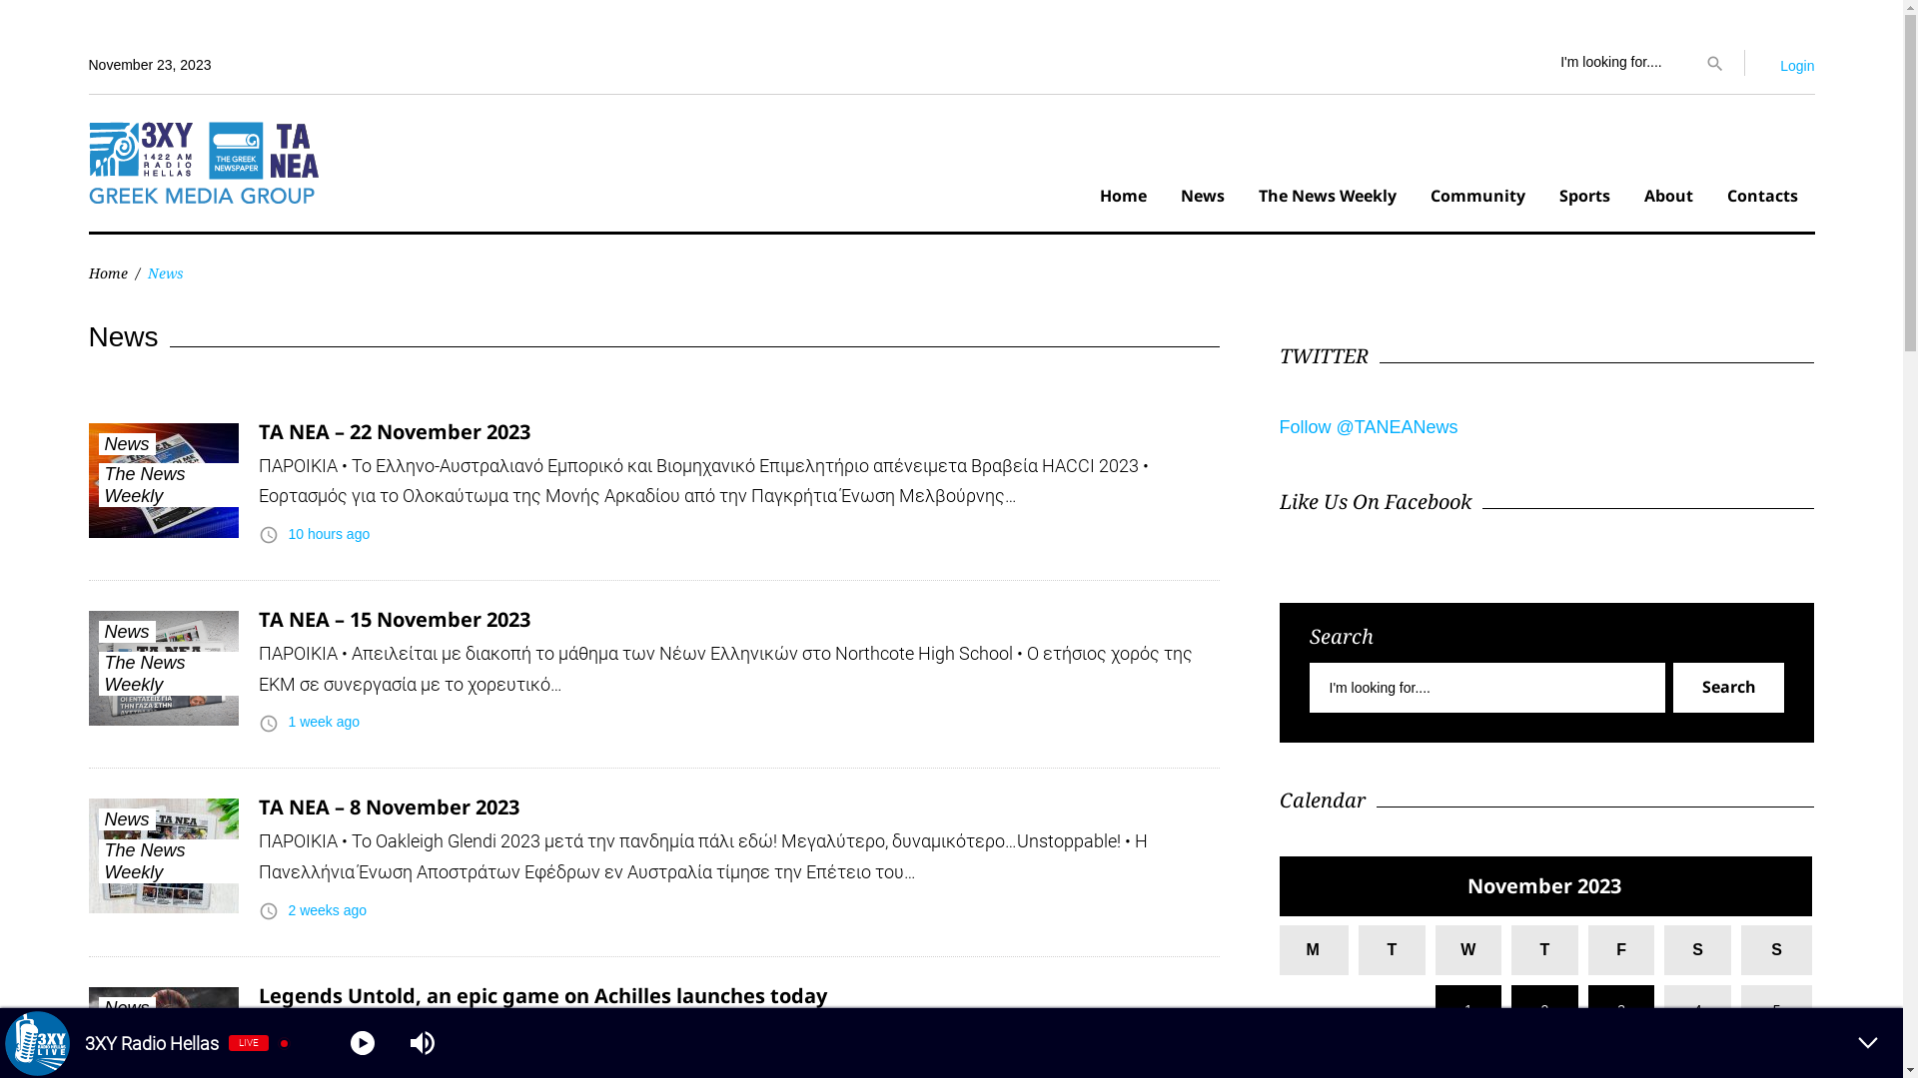 This screenshot has height=1078, width=1918. I want to click on 'Home', so click(1123, 199).